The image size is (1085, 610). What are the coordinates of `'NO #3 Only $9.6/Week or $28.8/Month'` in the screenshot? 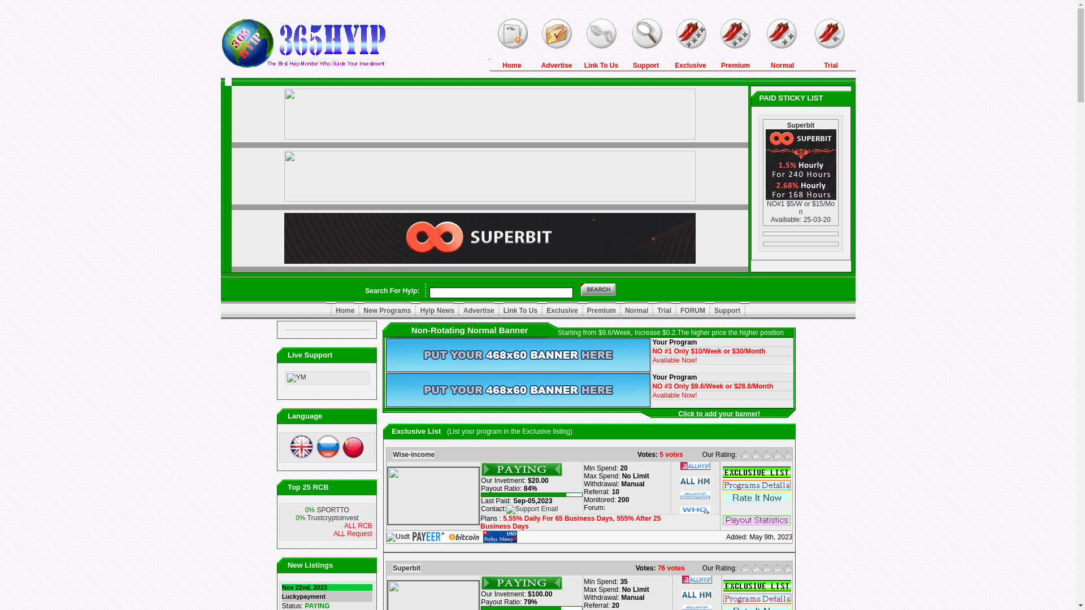 It's located at (712, 385).